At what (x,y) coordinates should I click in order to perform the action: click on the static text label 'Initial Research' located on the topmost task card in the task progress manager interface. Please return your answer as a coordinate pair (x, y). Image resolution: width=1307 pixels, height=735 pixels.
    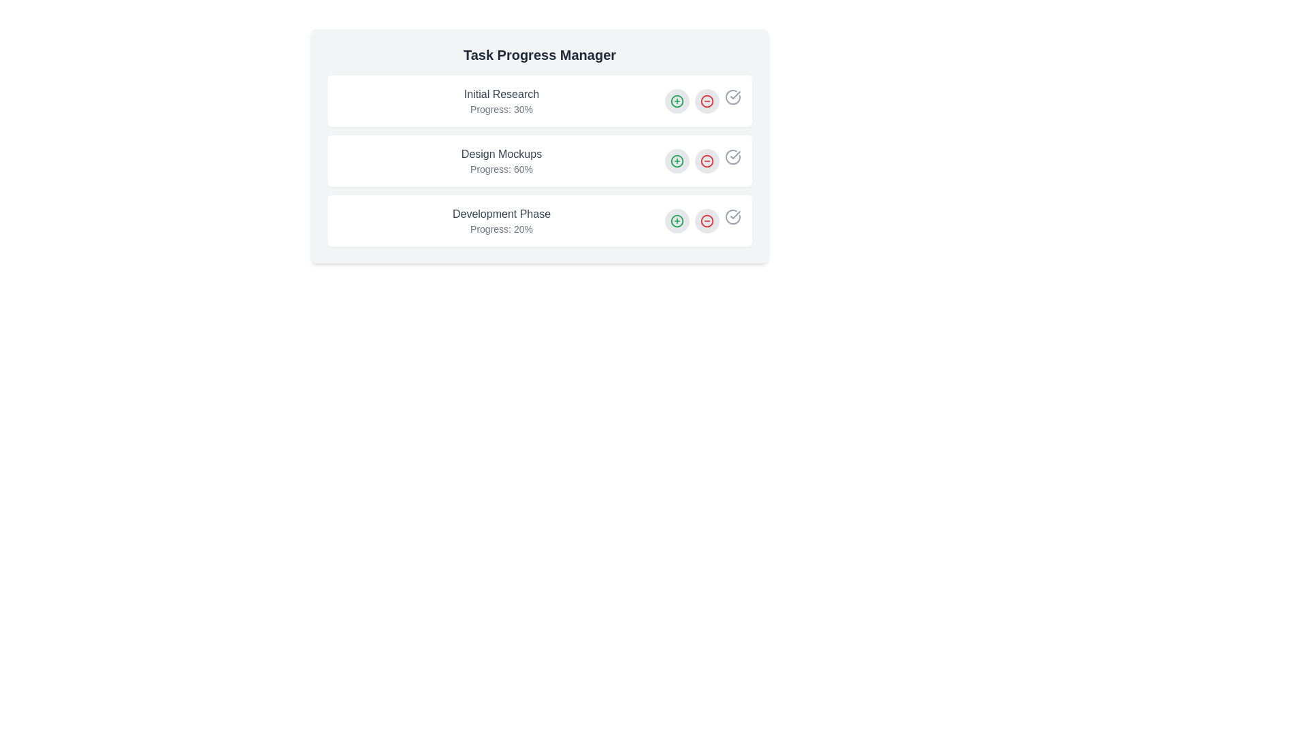
    Looking at the image, I should click on (501, 93).